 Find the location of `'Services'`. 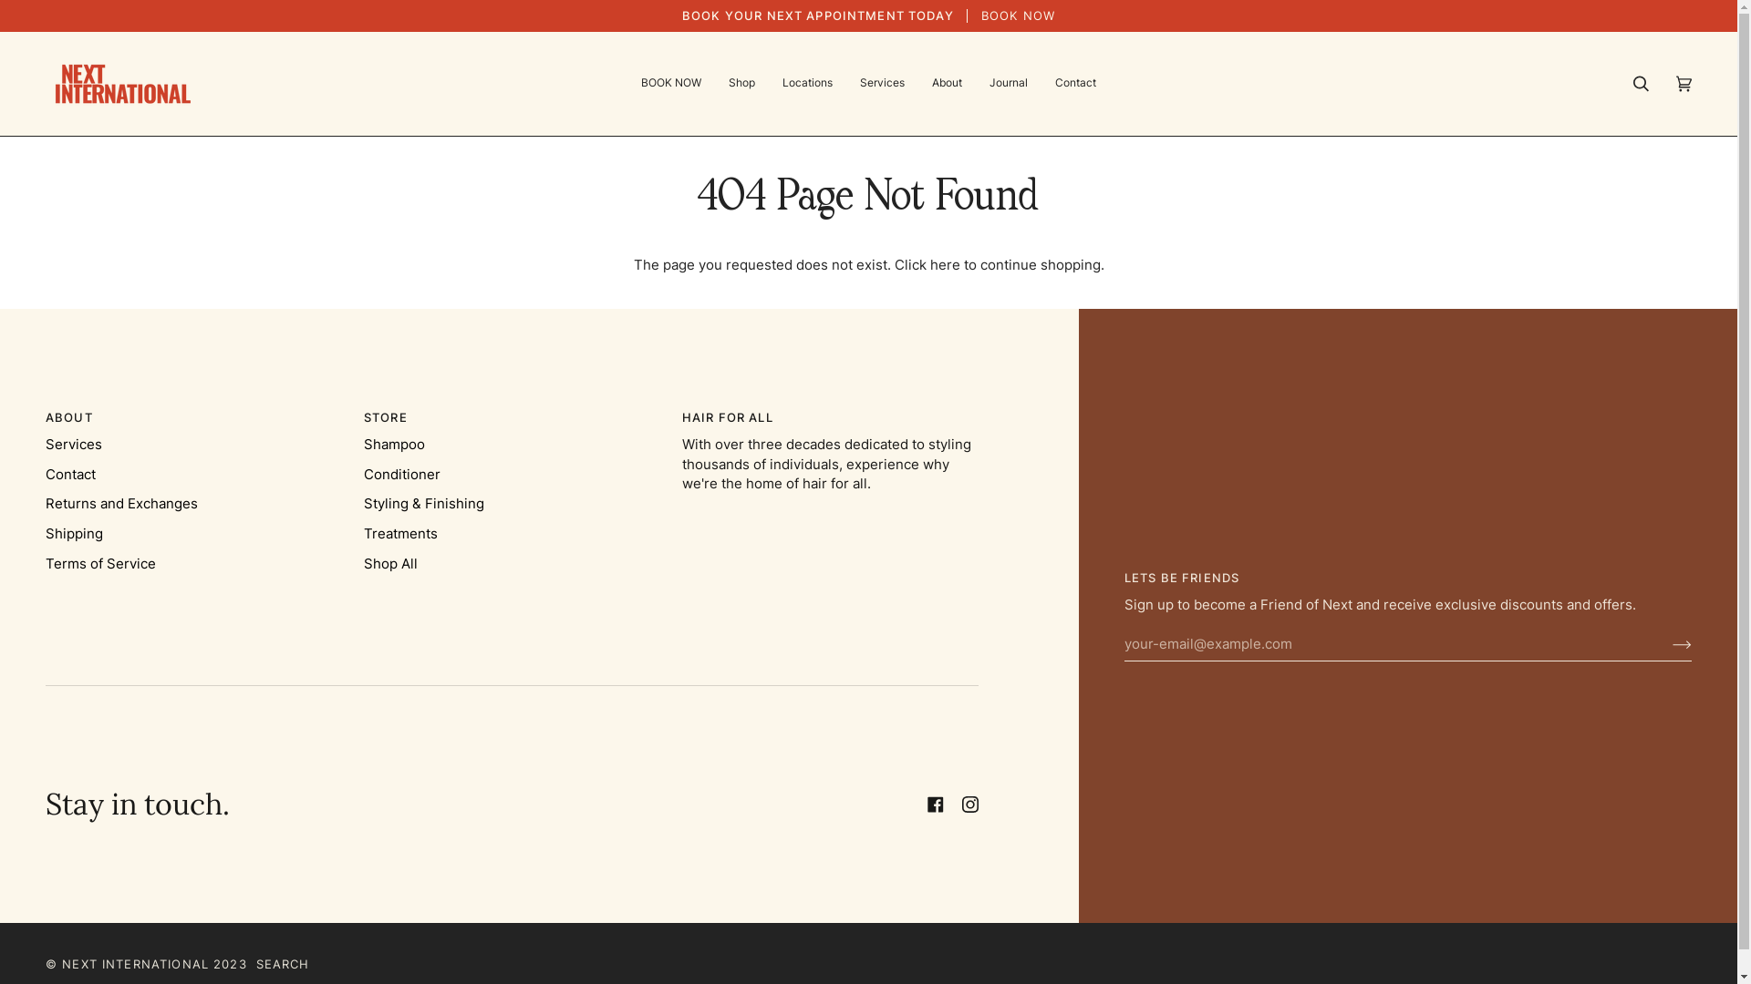

'Services' is located at coordinates (882, 84).